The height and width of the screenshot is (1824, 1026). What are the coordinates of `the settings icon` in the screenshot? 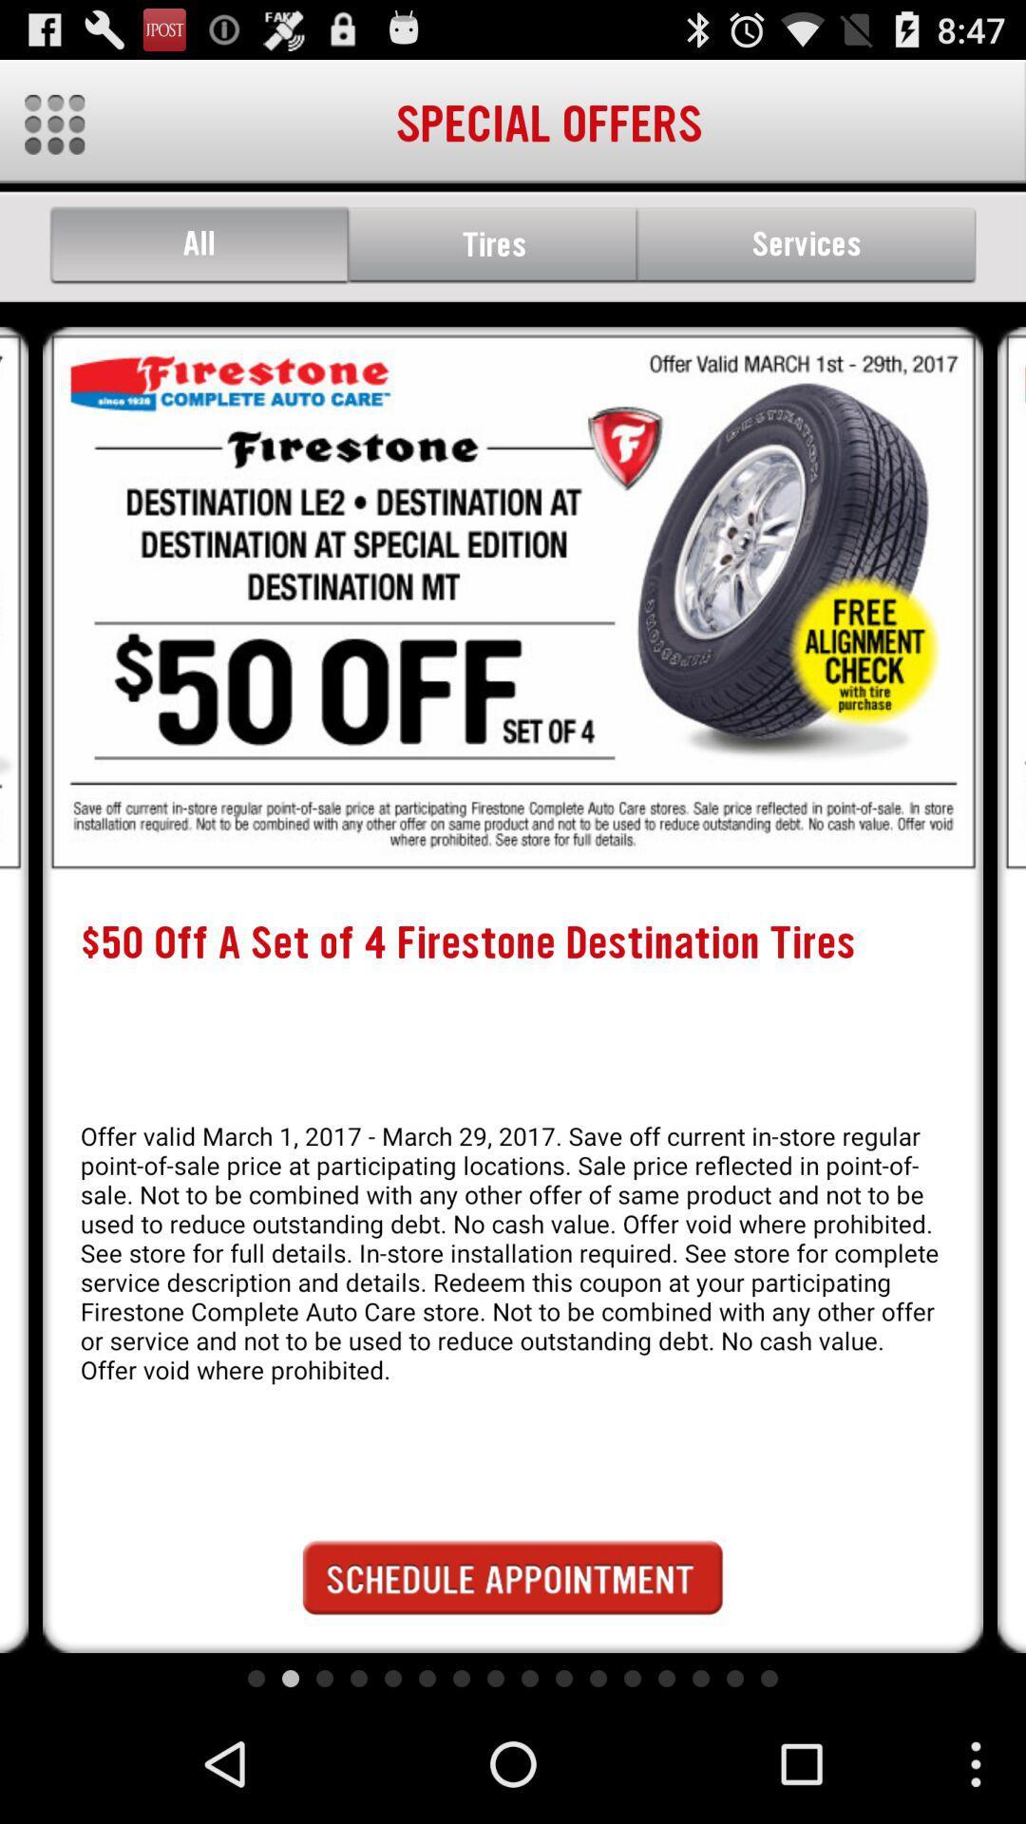 It's located at (53, 132).